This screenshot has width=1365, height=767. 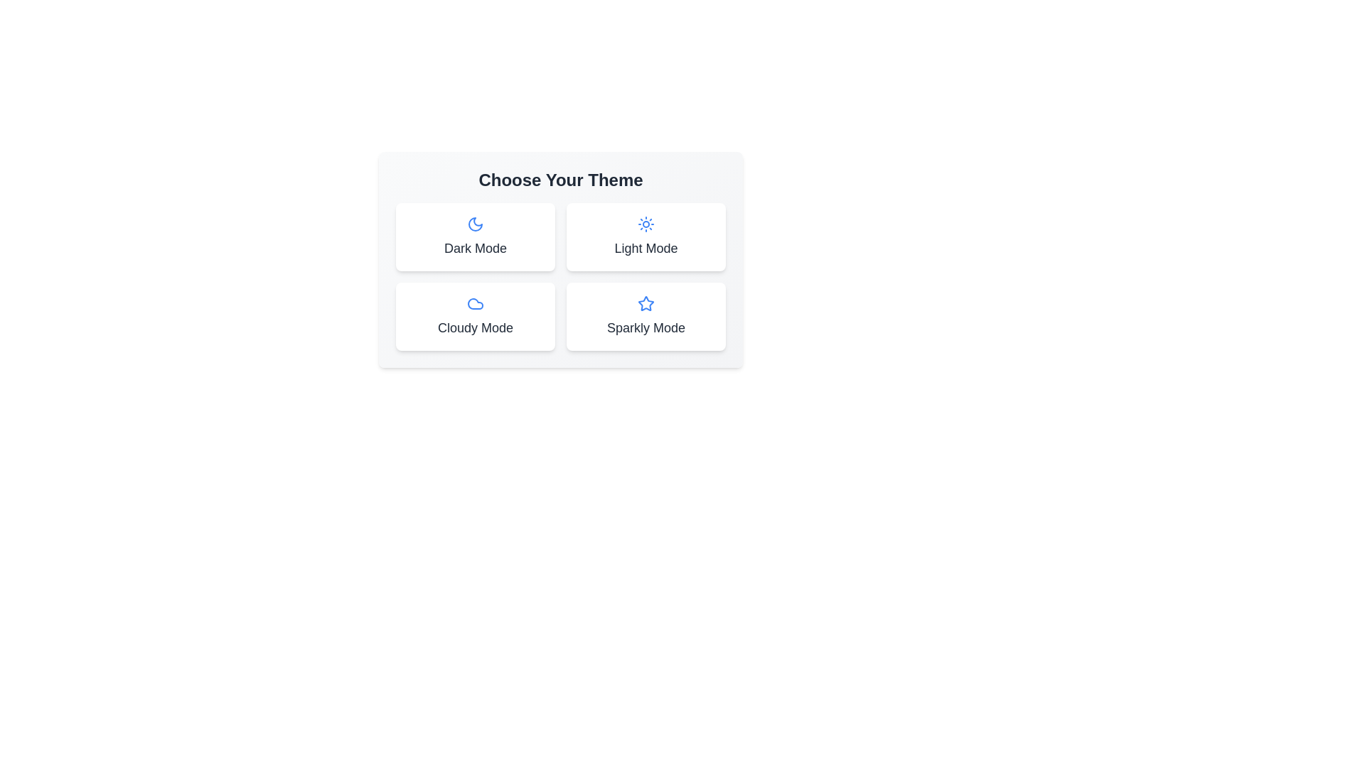 What do you see at coordinates (645, 236) in the screenshot?
I see `the white rectangular button with a sun icon and the text 'Light Mode'` at bounding box center [645, 236].